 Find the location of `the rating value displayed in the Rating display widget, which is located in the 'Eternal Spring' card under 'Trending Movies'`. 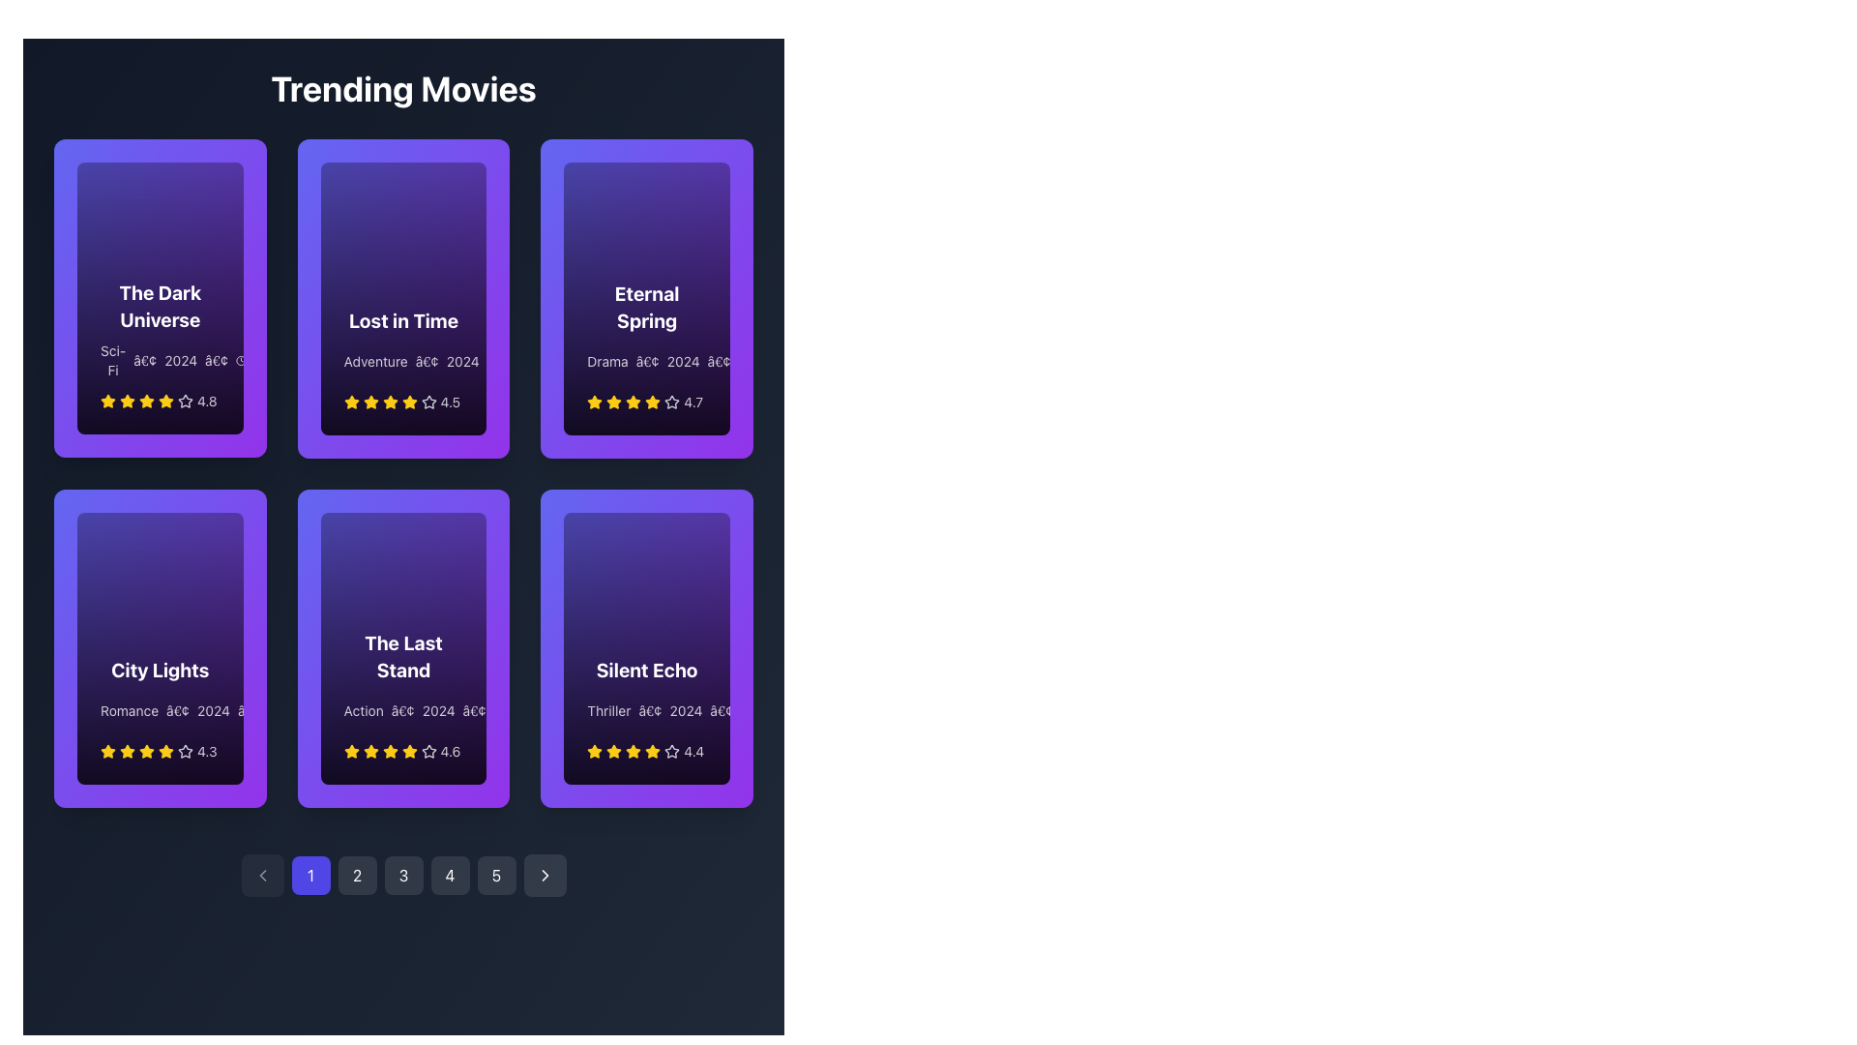

the rating value displayed in the Rating display widget, which is located in the 'Eternal Spring' card under 'Trending Movies' is located at coordinates (647, 401).